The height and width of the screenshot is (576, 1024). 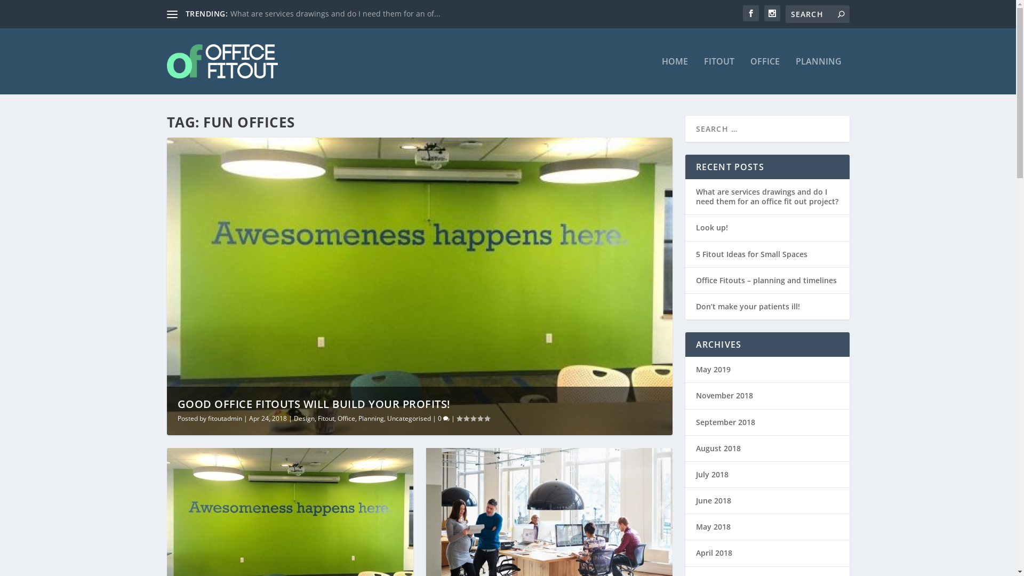 What do you see at coordinates (445, 418) in the screenshot?
I see `'comment count'` at bounding box center [445, 418].